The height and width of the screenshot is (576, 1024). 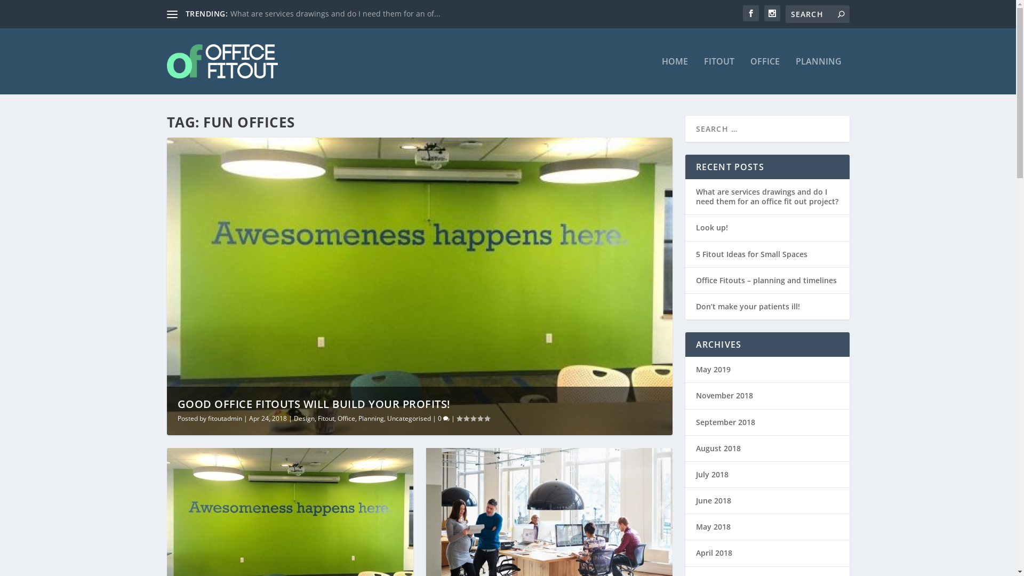 What do you see at coordinates (445, 418) in the screenshot?
I see `'comment count'` at bounding box center [445, 418].